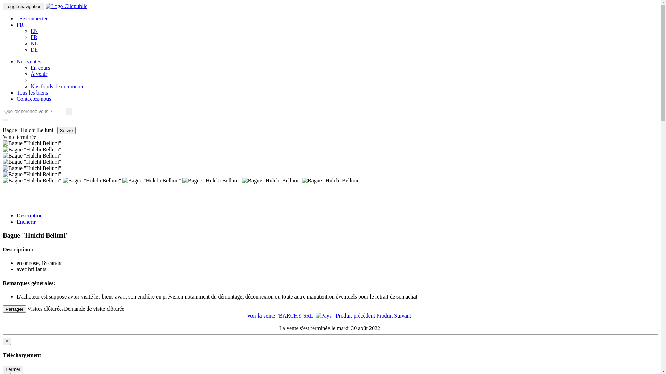 The width and height of the screenshot is (666, 374). What do you see at coordinates (32, 18) in the screenshot?
I see `'  Se connecter'` at bounding box center [32, 18].